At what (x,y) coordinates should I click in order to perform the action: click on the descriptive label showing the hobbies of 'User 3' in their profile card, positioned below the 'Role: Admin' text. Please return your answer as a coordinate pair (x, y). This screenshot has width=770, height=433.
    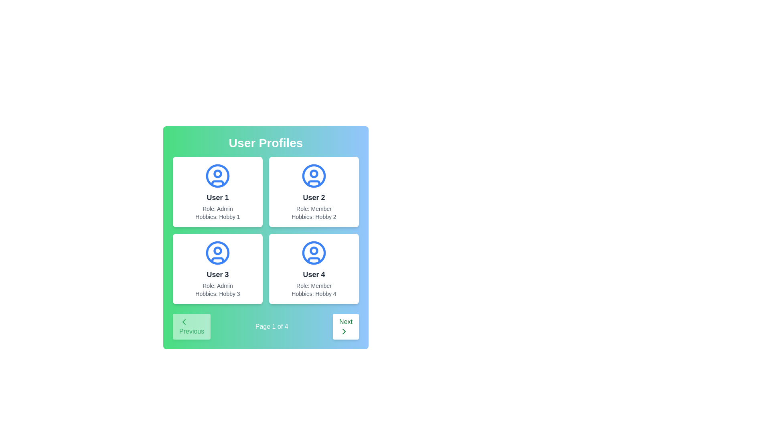
    Looking at the image, I should click on (217, 293).